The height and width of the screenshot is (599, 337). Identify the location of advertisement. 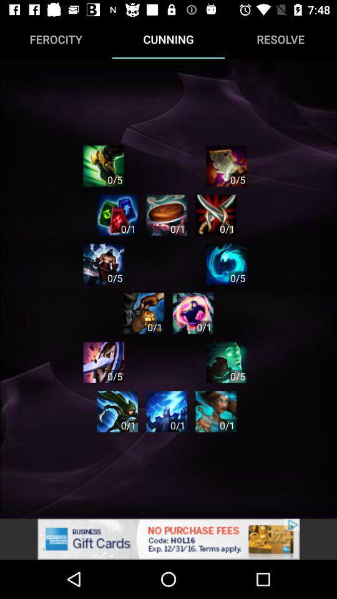
(168, 538).